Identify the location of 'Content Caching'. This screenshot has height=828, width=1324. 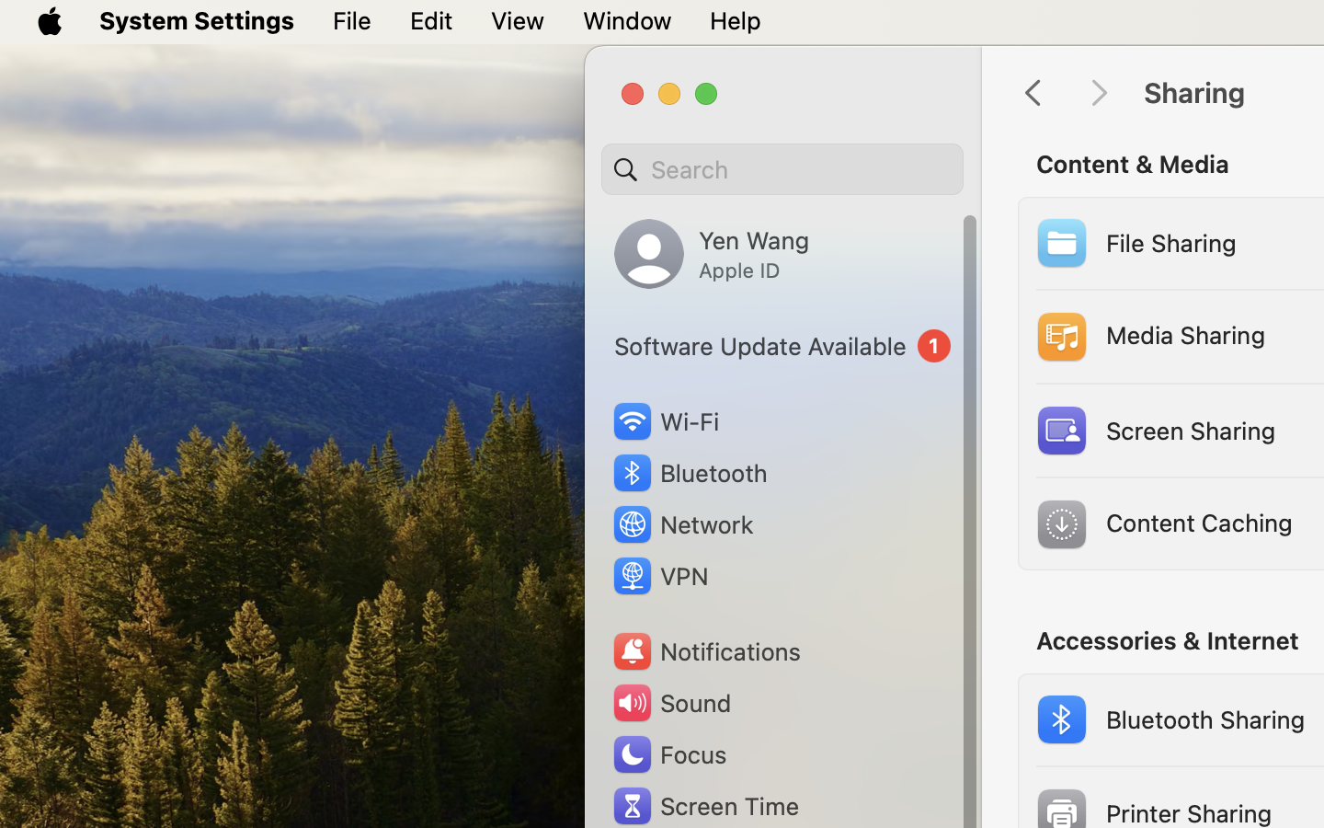
(1162, 523).